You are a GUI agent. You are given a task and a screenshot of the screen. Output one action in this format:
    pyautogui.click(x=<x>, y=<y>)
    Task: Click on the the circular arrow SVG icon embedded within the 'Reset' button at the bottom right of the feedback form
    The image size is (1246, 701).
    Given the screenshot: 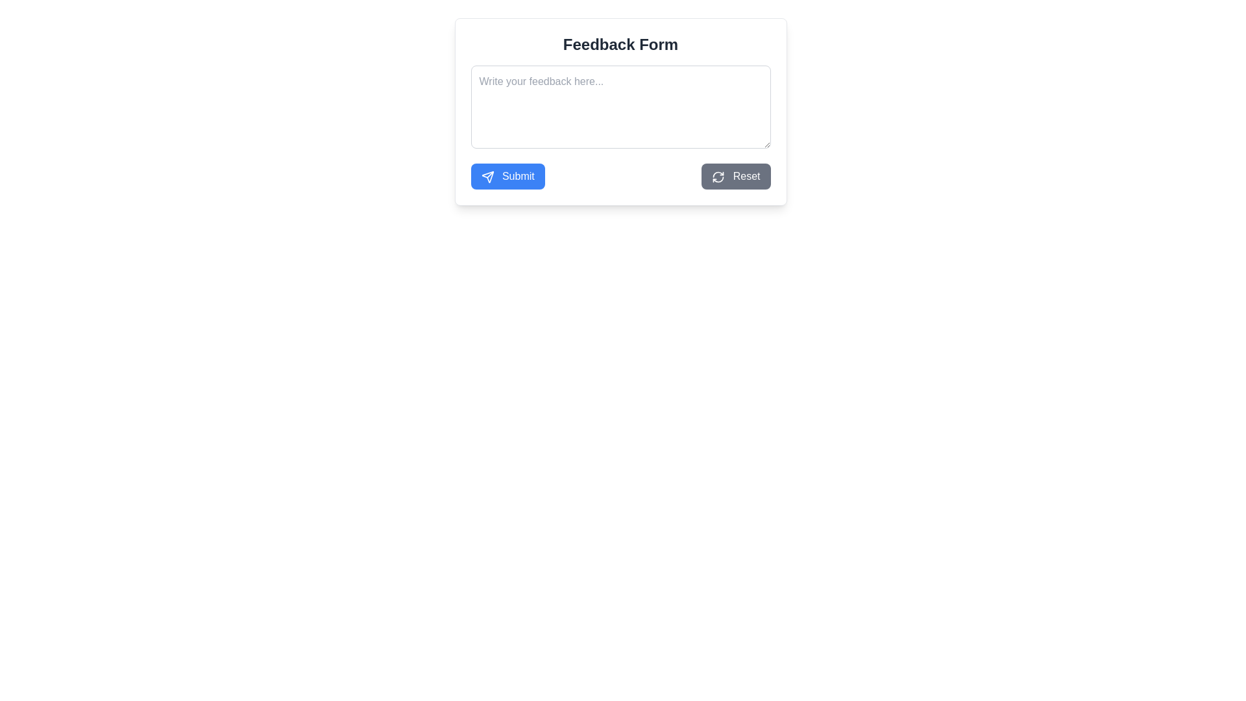 What is the action you would take?
    pyautogui.click(x=718, y=177)
    